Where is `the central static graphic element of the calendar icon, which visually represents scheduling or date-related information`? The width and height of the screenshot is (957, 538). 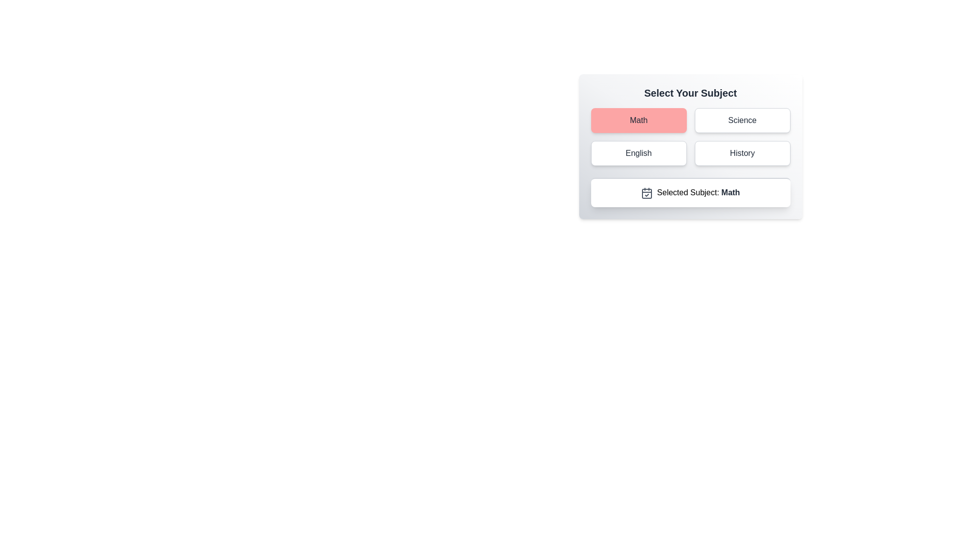 the central static graphic element of the calendar icon, which visually represents scheduling or date-related information is located at coordinates (647, 193).